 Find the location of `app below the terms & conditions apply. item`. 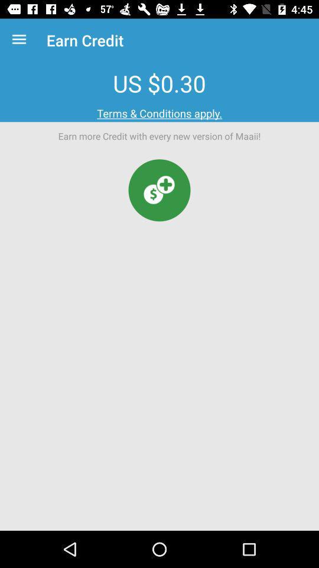

app below the terms & conditions apply. item is located at coordinates (159, 190).